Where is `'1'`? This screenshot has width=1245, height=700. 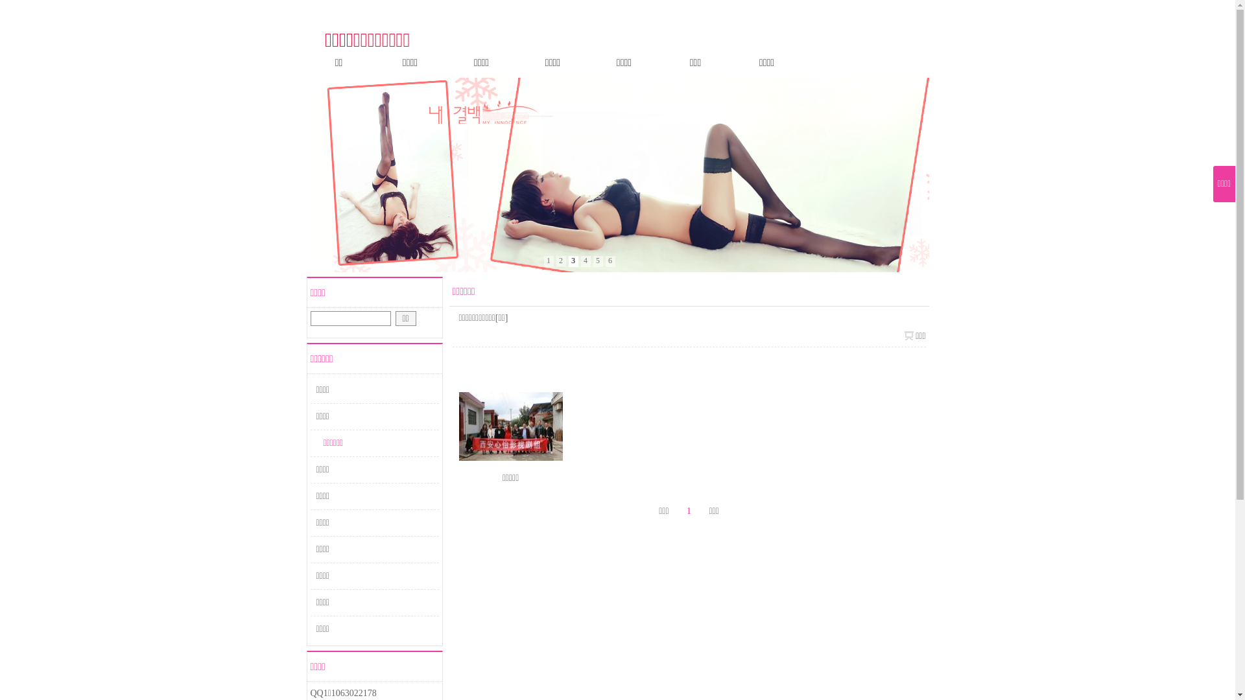
'1' is located at coordinates (548, 261).